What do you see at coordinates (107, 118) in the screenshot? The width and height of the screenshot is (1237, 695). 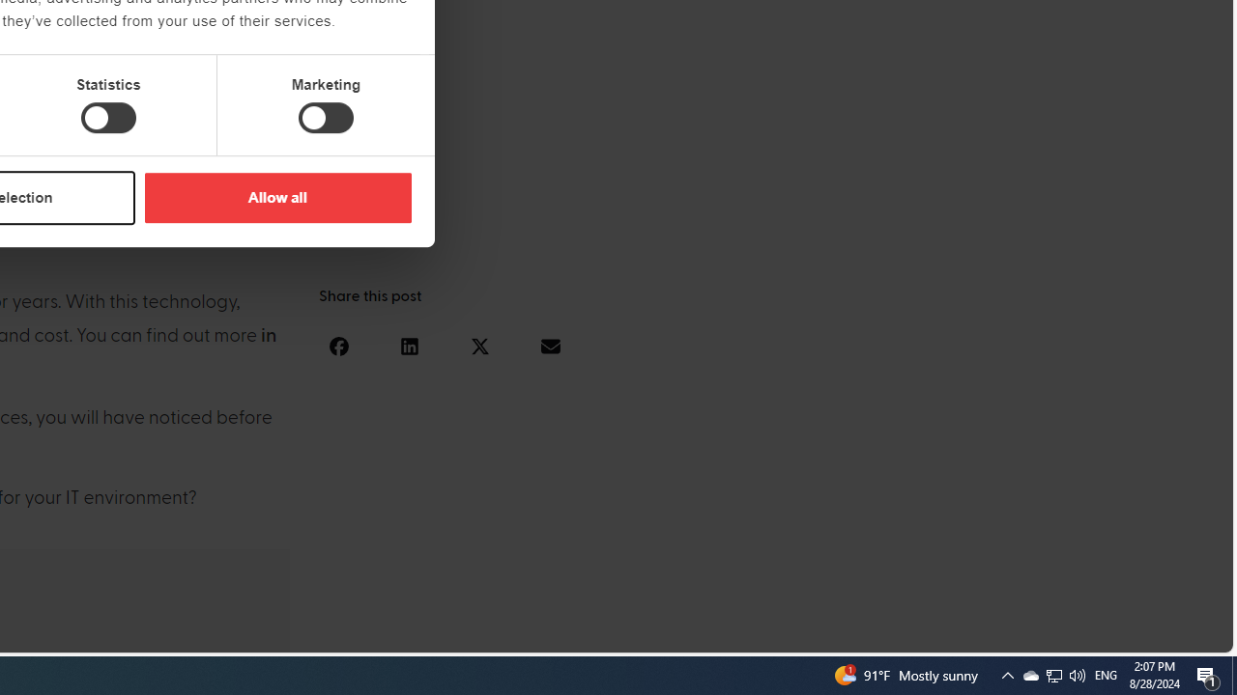 I see `'Statistics'` at bounding box center [107, 118].